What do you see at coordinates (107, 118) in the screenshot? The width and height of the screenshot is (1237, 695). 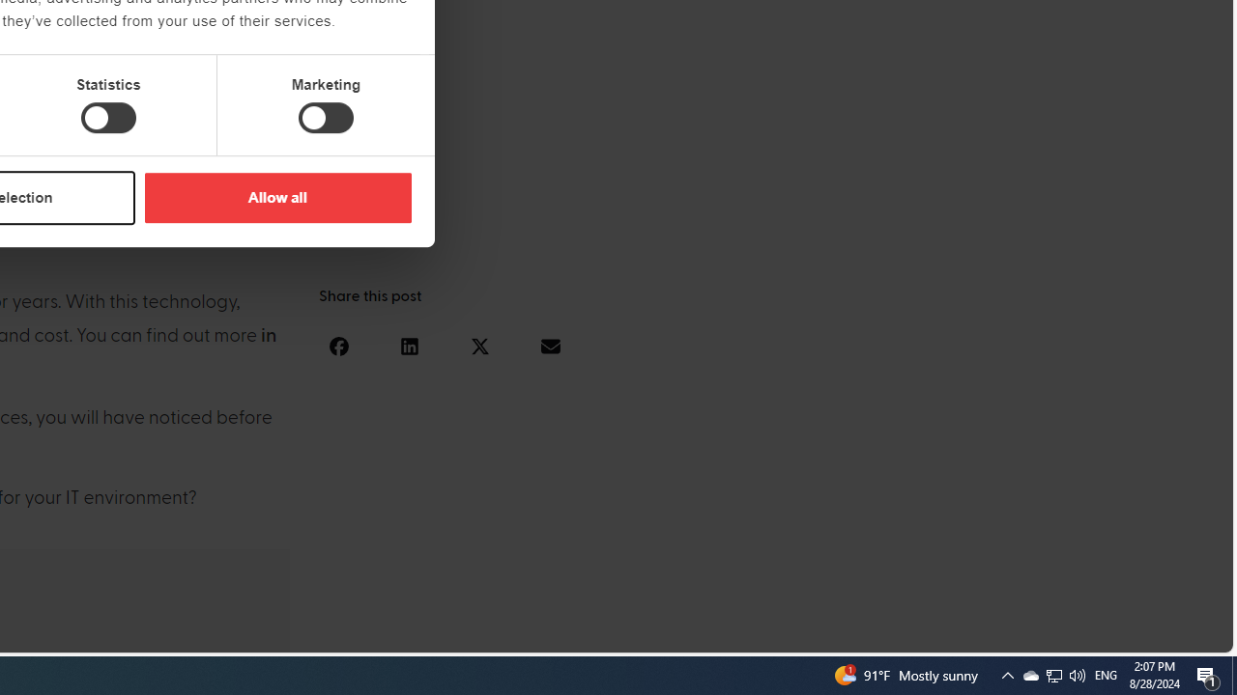 I see `'Statistics'` at bounding box center [107, 118].